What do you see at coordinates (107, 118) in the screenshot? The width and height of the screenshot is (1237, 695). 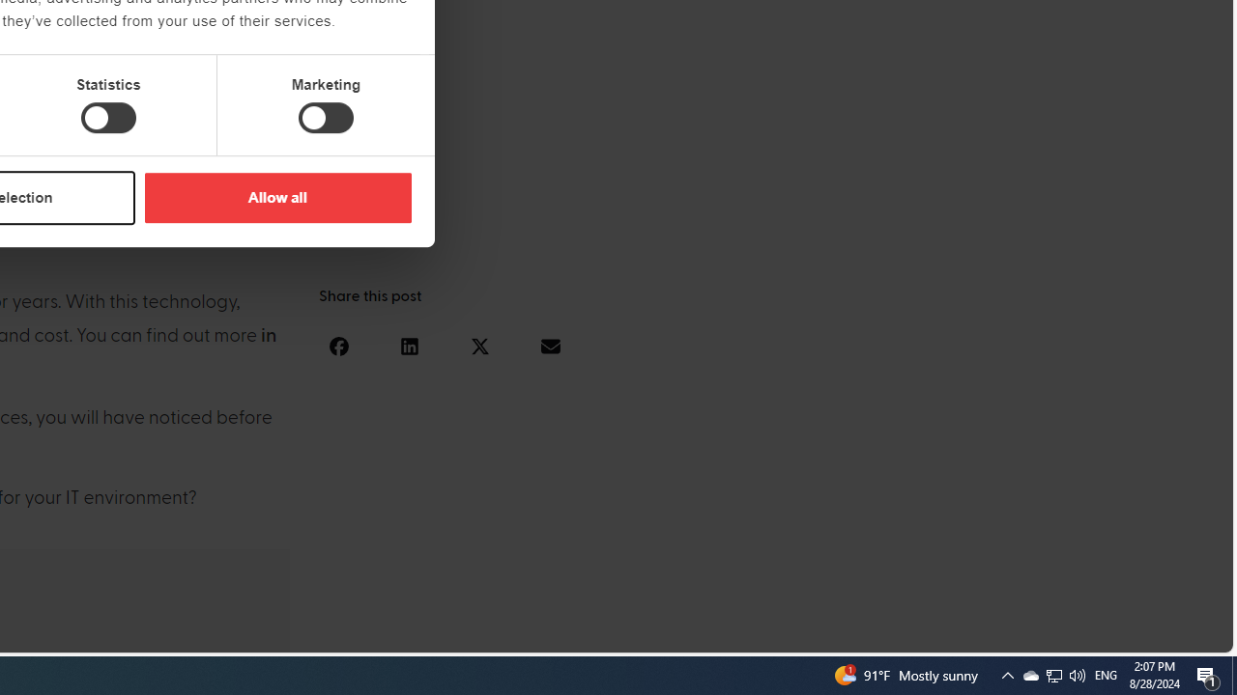 I see `'Statistics'` at bounding box center [107, 118].